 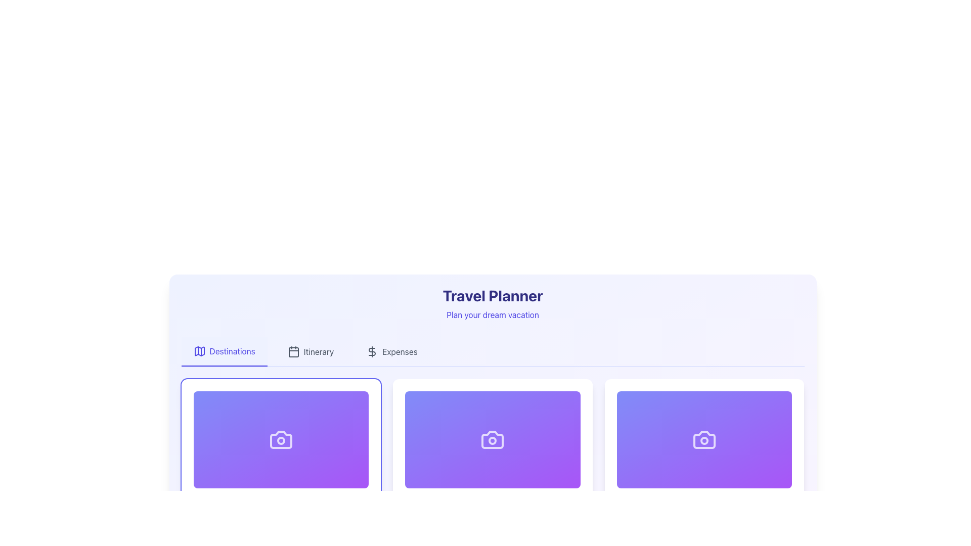 What do you see at coordinates (281, 440) in the screenshot?
I see `the small circular SVG graphical element centered over the lens area of the camera icon, which is part of a larger purple rectangle in a grid layout` at bounding box center [281, 440].